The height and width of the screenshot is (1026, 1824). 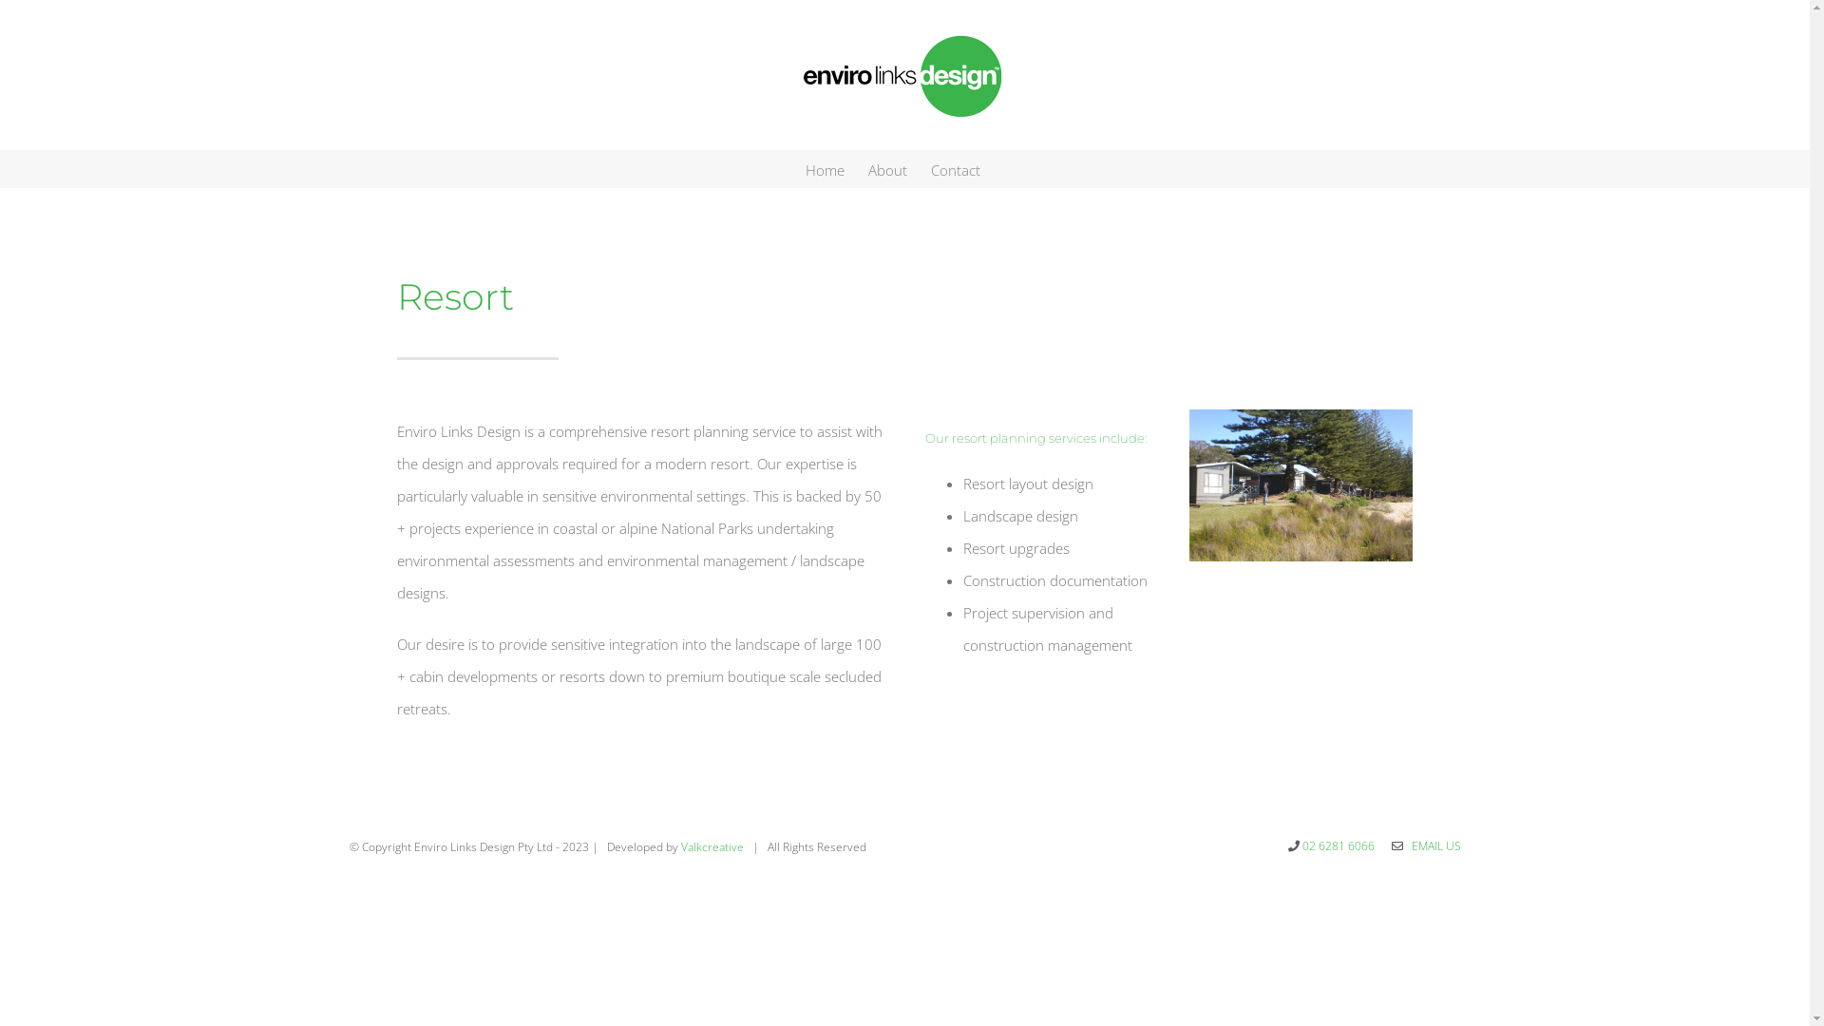 I want to click on 'Valkcreative', so click(x=710, y=845).